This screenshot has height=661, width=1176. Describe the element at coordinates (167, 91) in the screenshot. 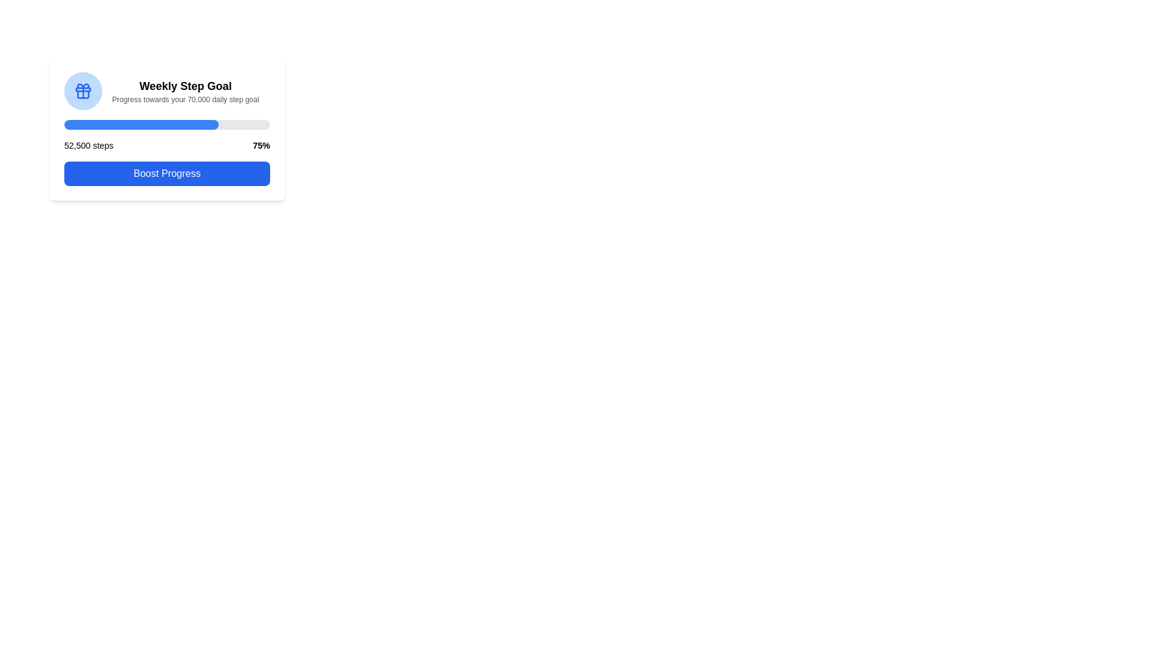

I see `the Textual Information Block that displays the header and description for tracking the weekly step goal, located at the top section of the card` at that location.